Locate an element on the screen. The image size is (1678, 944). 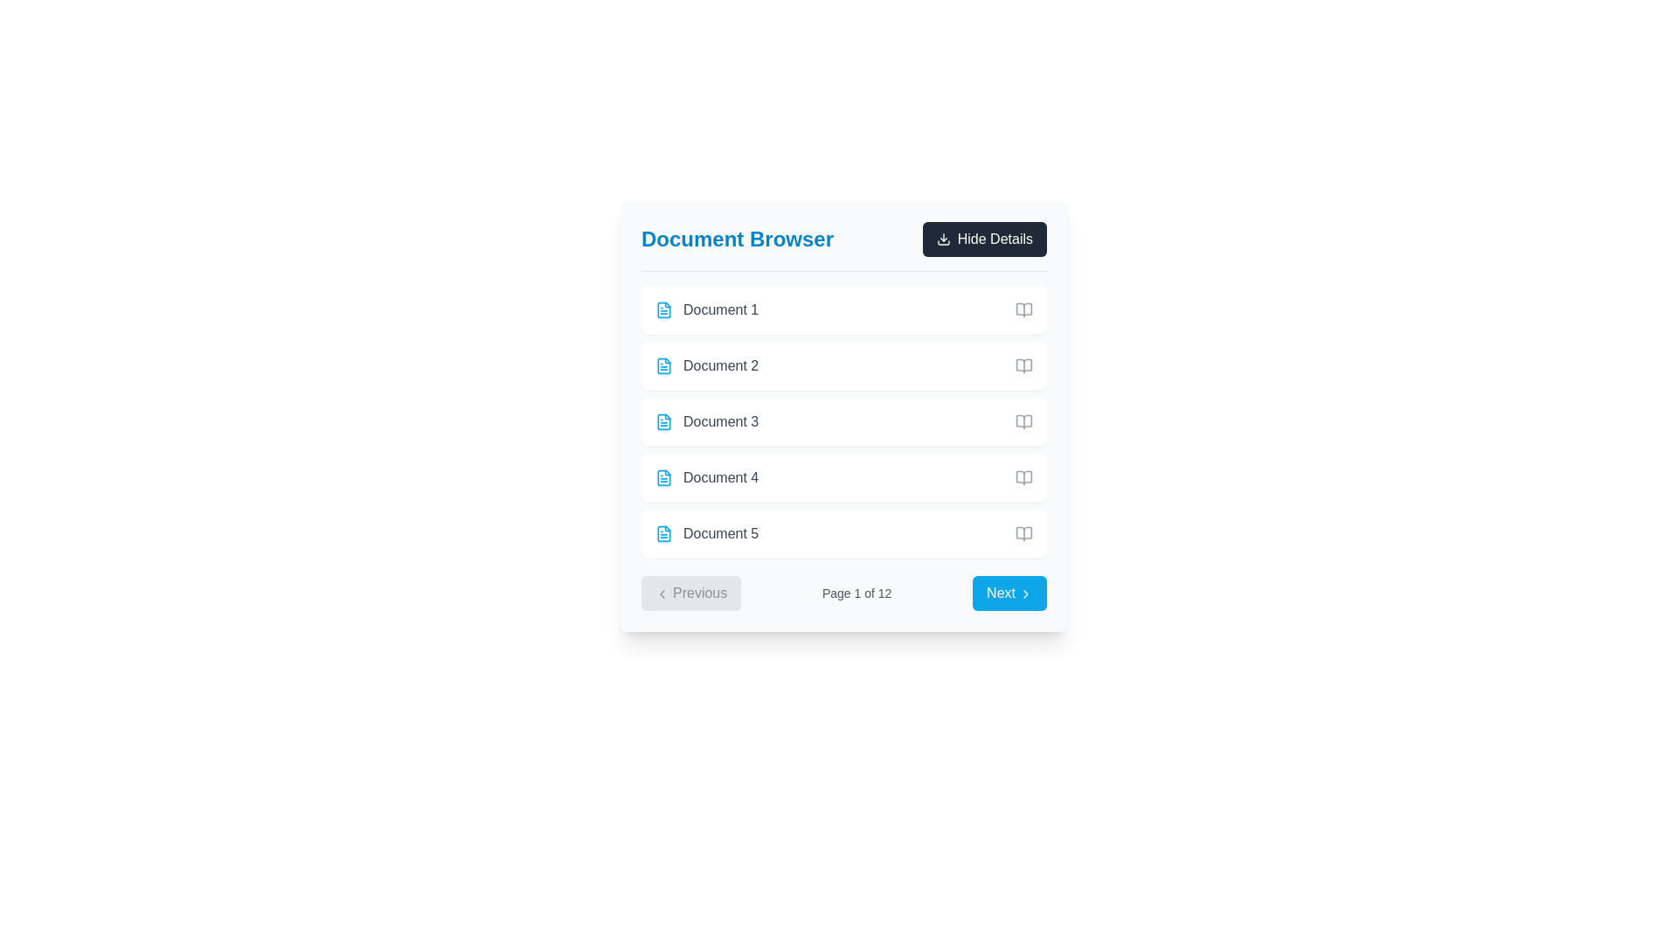
the Open Book Style icon located on the far right within the 'Document 4' row to change its color is located at coordinates (1023, 478).